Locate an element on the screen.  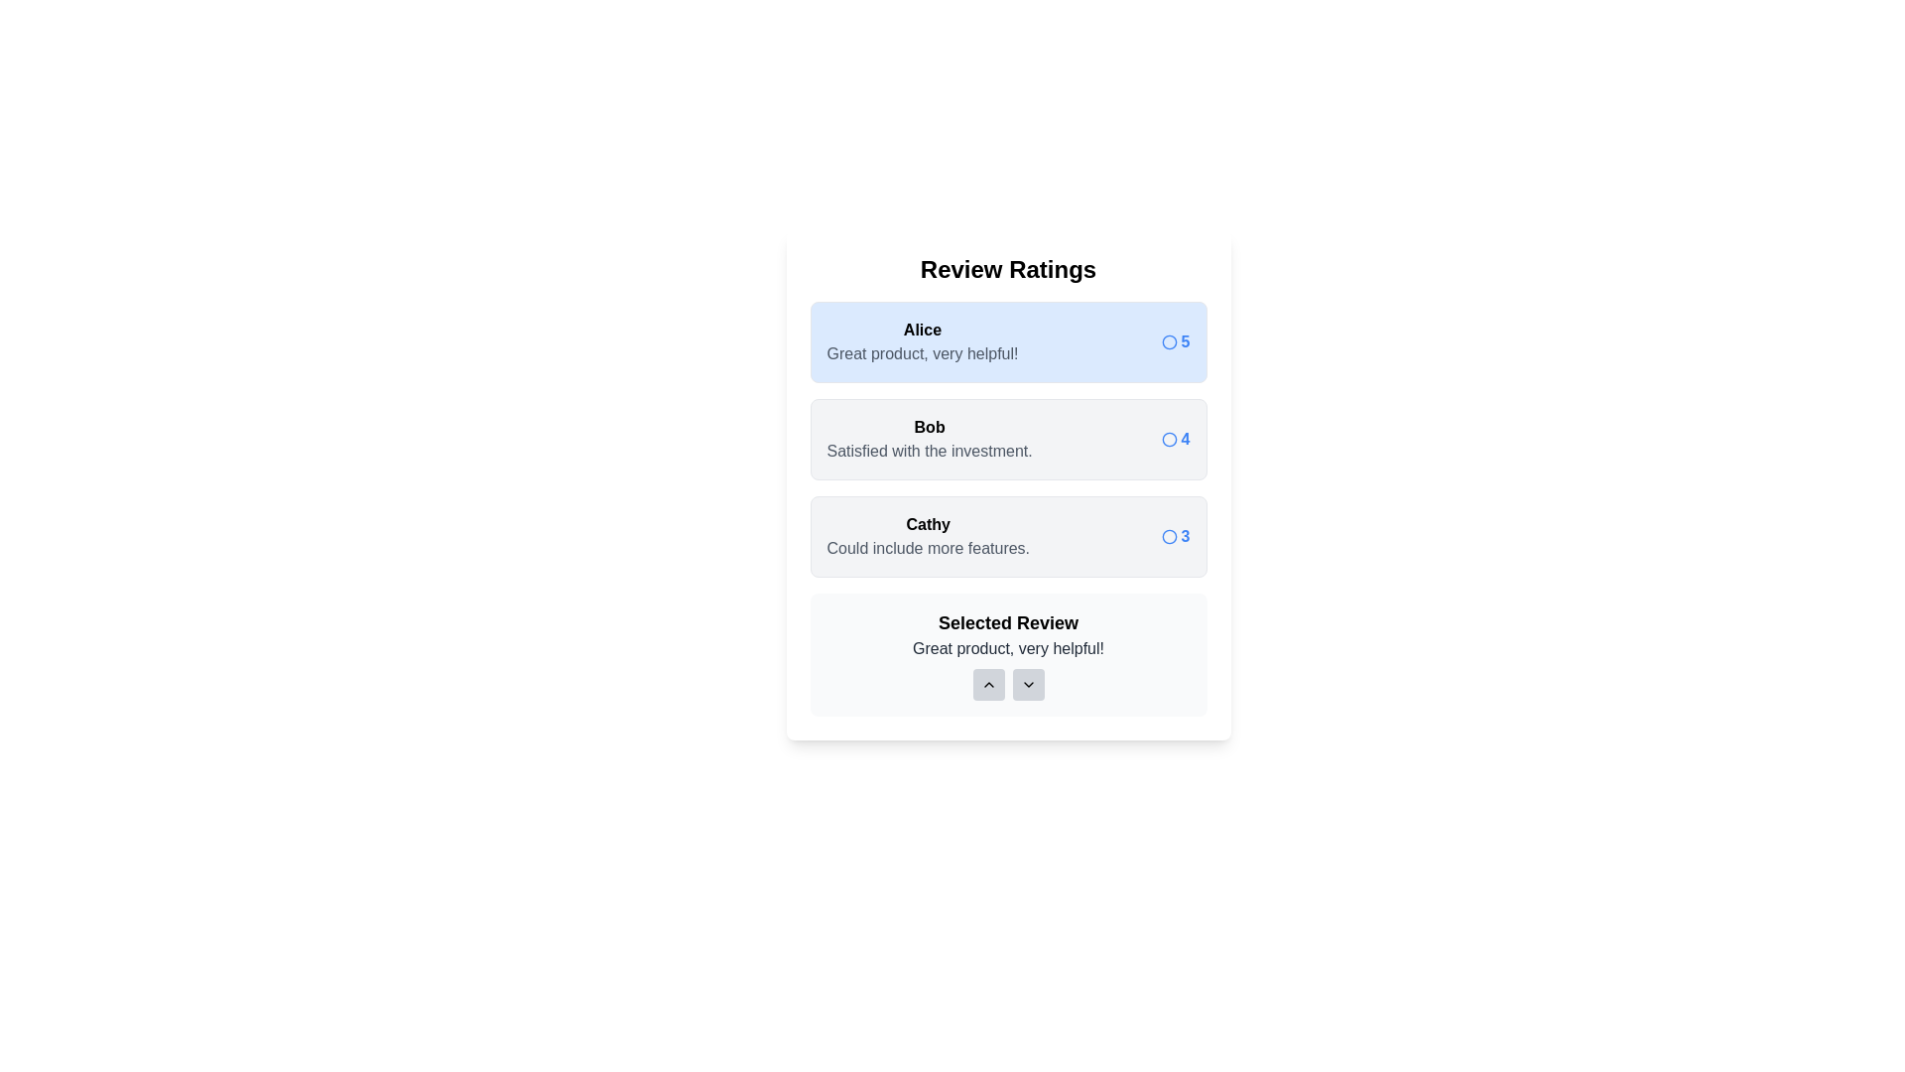
the review with user name Alice is located at coordinates (1008, 340).